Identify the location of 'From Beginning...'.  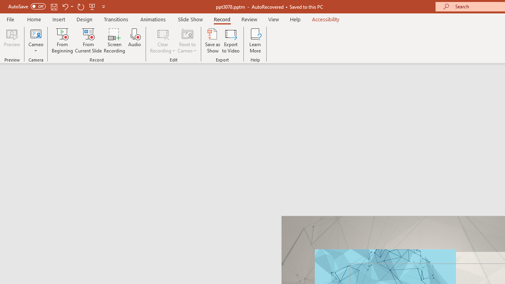
(62, 41).